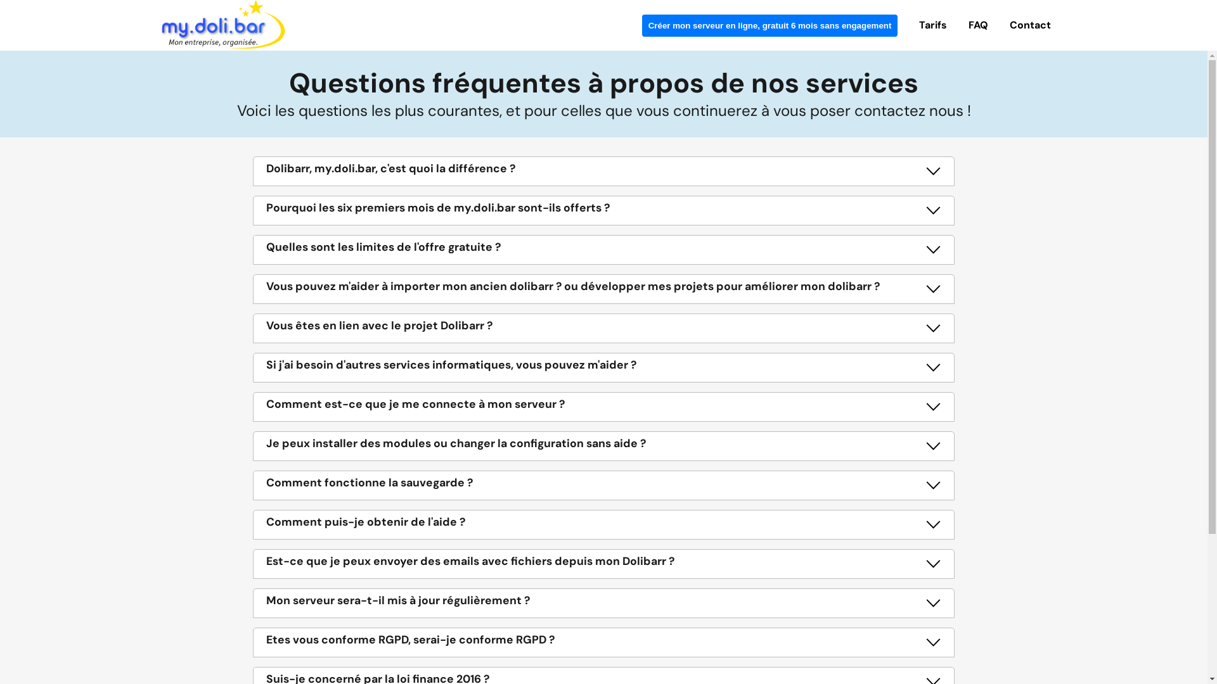  I want to click on 'Contact', so click(1030, 25).